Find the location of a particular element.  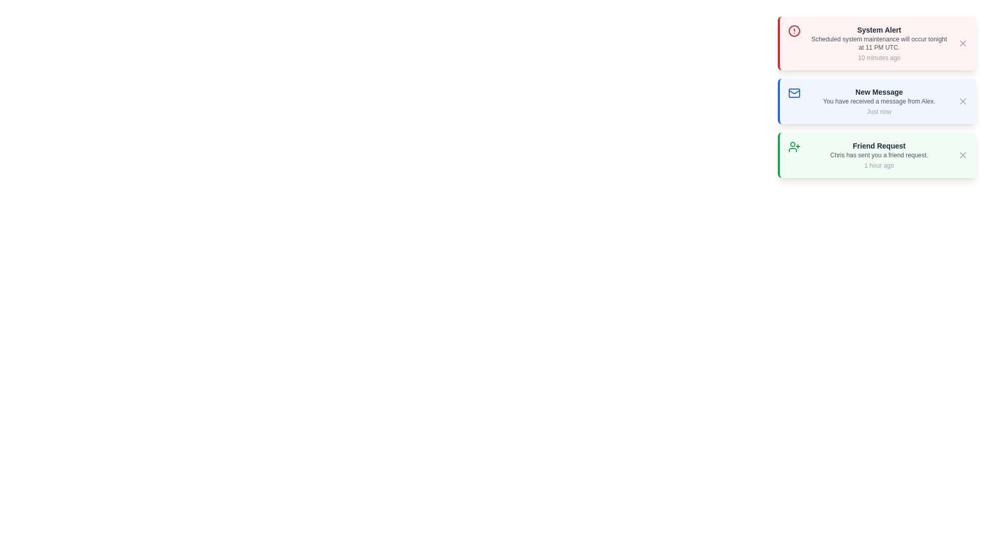

the main body of the envelope icon, which is a rounded rectangle within the SVG notification for 'New Message' is located at coordinates (794, 93).